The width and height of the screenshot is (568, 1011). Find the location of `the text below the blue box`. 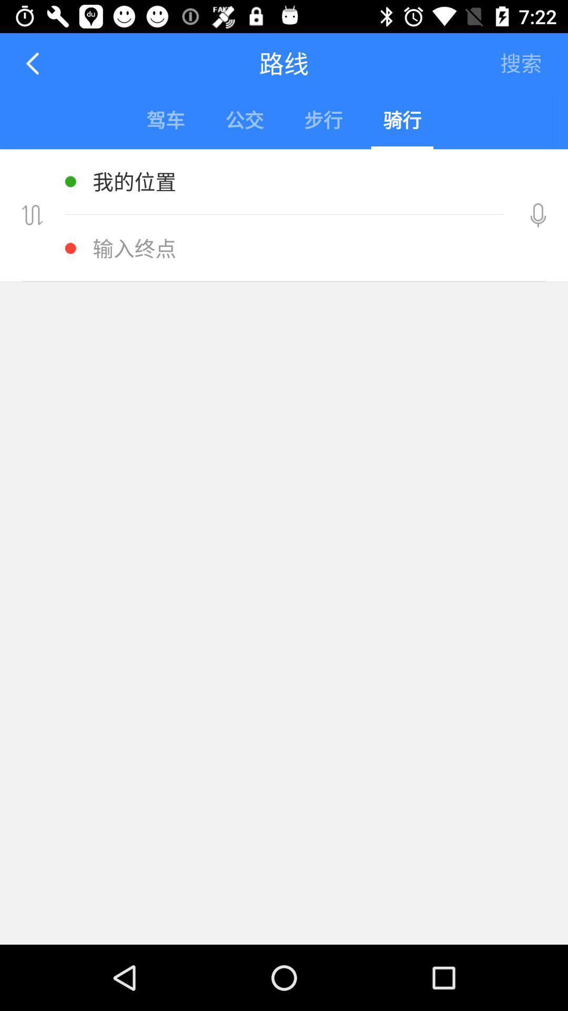

the text below the blue box is located at coordinates (287, 182).